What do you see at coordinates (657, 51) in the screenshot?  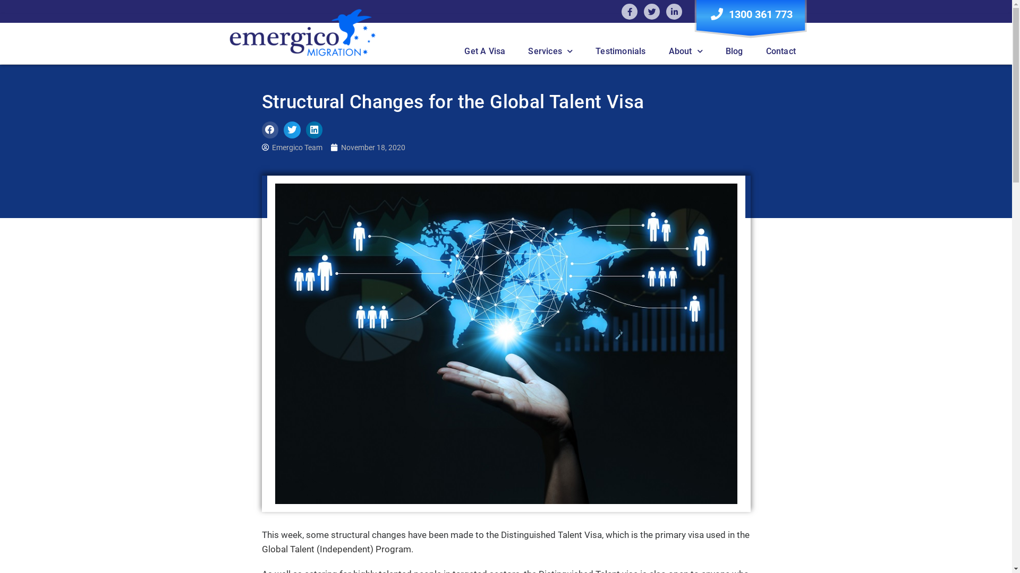 I see `'About'` at bounding box center [657, 51].